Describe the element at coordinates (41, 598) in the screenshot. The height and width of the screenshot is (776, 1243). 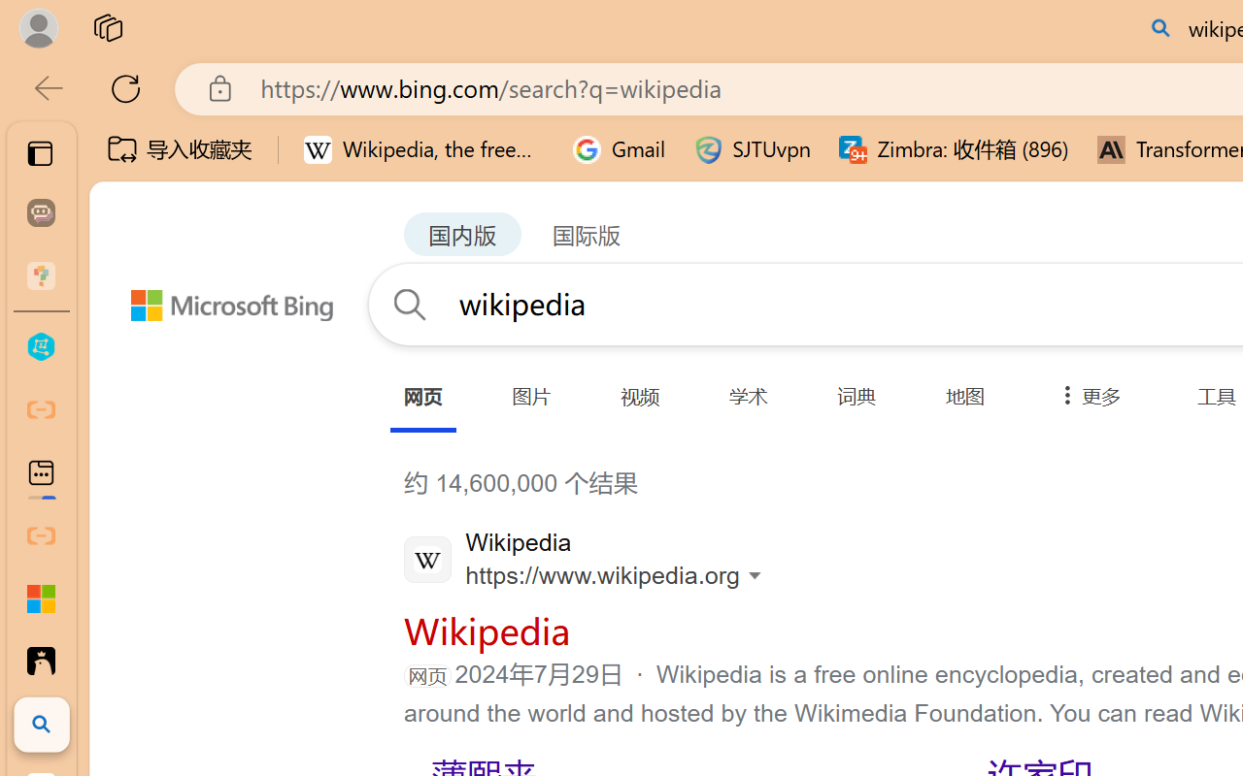
I see `'Adjust indents and spacing - Microsoft Support'` at that location.